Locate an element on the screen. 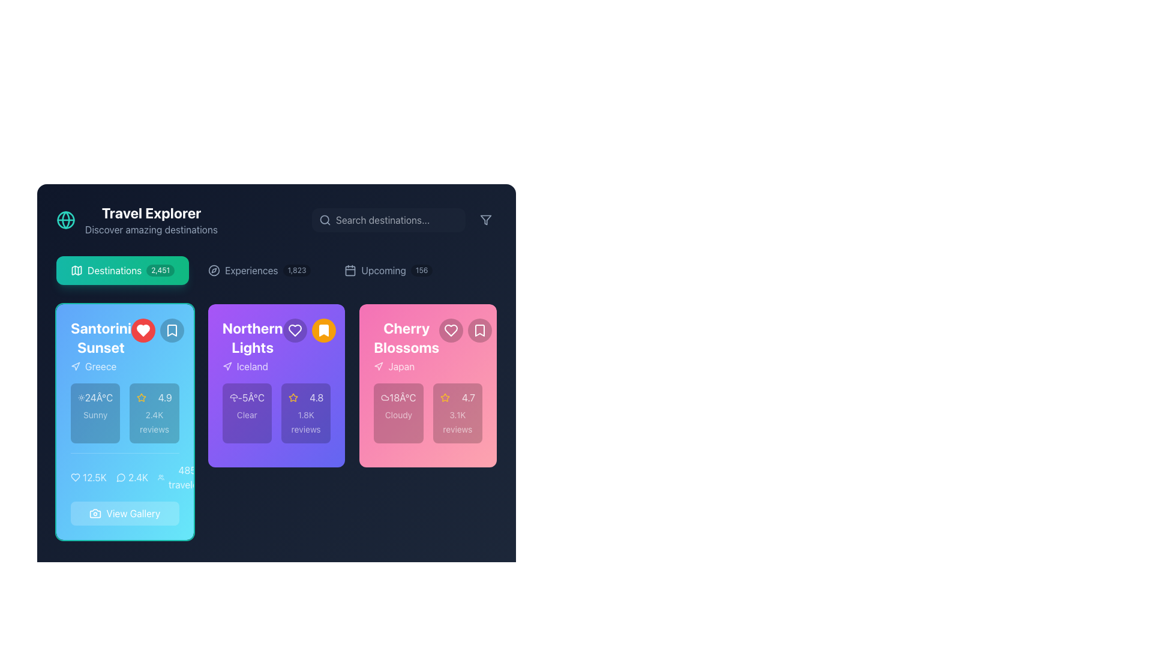 Image resolution: width=1152 pixels, height=648 pixels. the heart-shaped 'like' icon in pink hue located in the top-right section of the second card labeled 'Northern Lights' to mark the item as favorite is located at coordinates (451, 331).